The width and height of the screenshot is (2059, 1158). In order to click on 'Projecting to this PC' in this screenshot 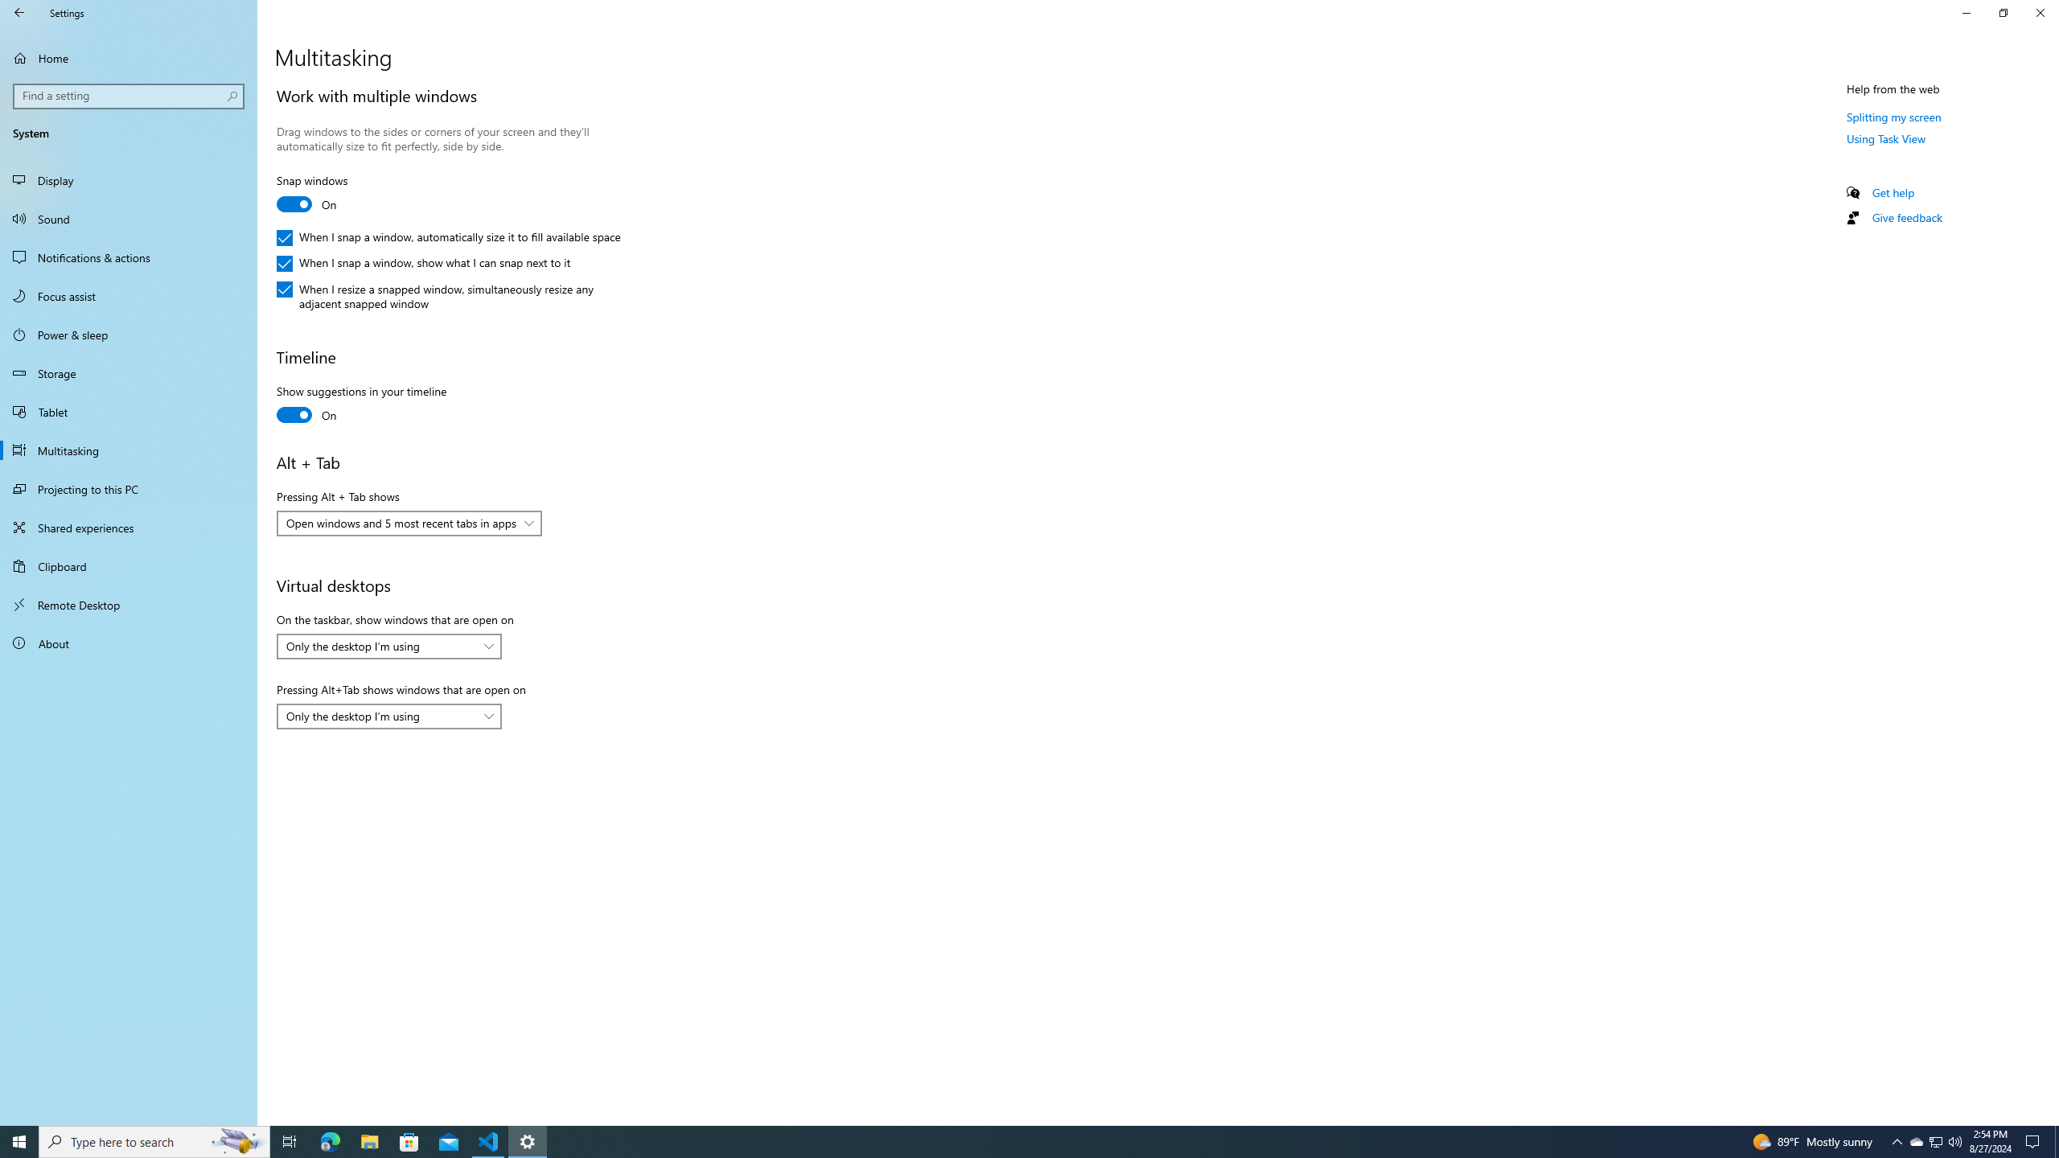, I will do `click(128, 489)`.